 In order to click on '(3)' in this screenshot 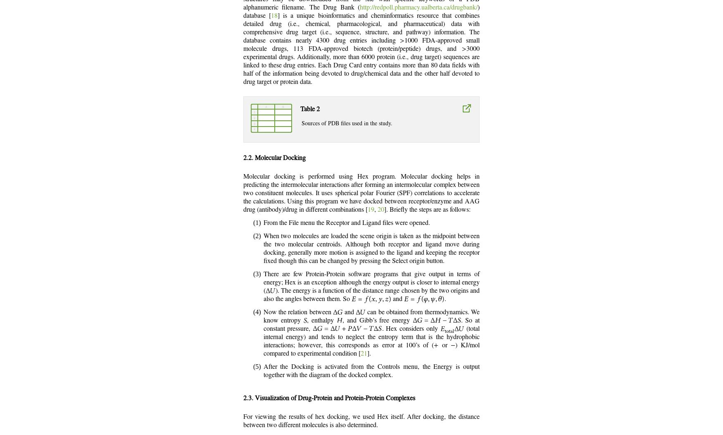, I will do `click(257, 273)`.